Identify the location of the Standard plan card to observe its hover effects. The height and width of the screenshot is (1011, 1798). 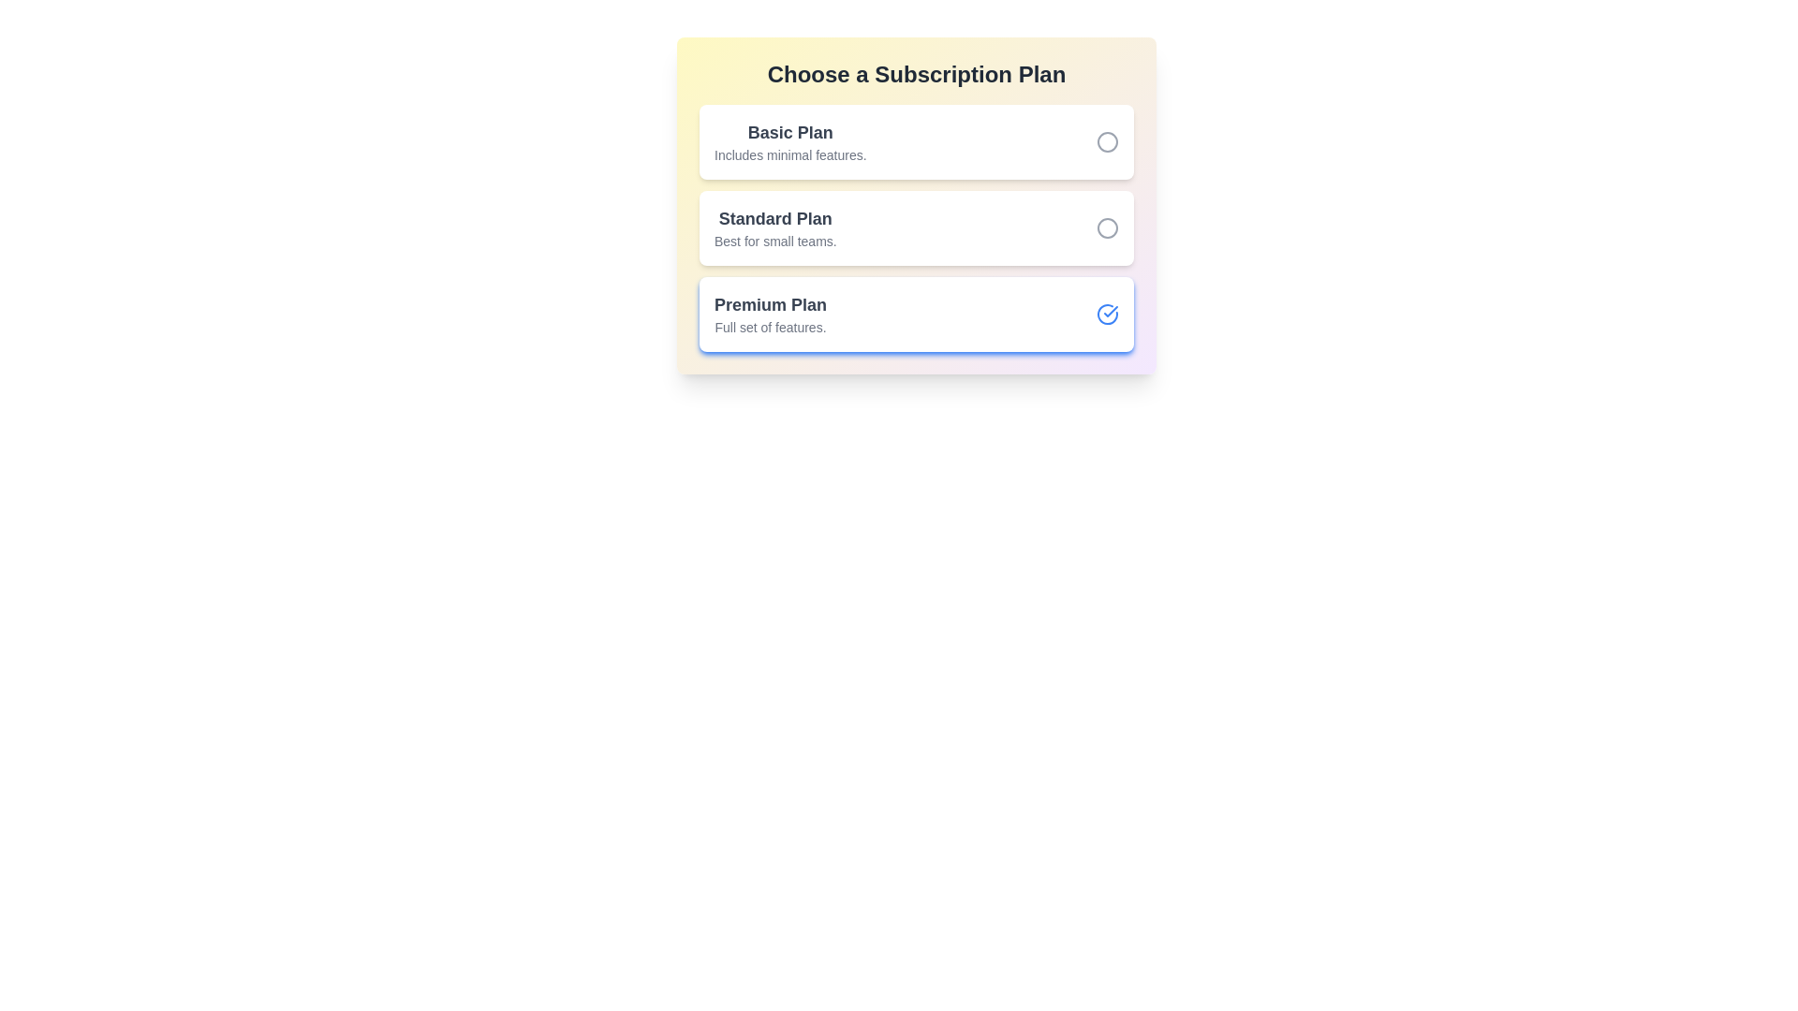
(917, 227).